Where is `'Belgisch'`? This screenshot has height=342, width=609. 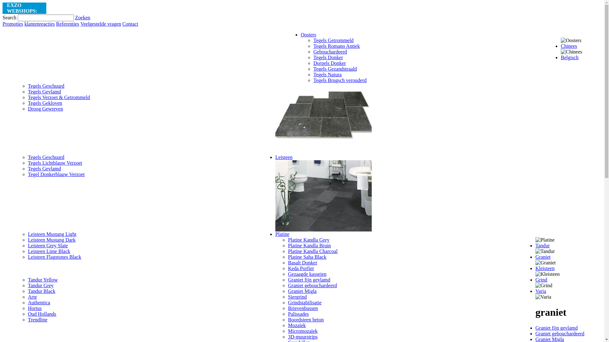 'Belgisch' is located at coordinates (569, 57).